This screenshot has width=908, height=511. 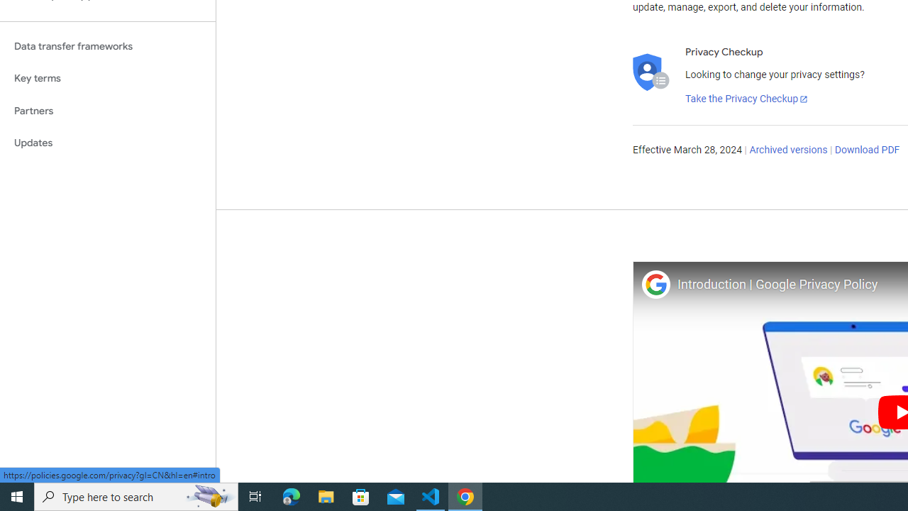 I want to click on 'Take the Privacy Checkup', so click(x=746, y=99).